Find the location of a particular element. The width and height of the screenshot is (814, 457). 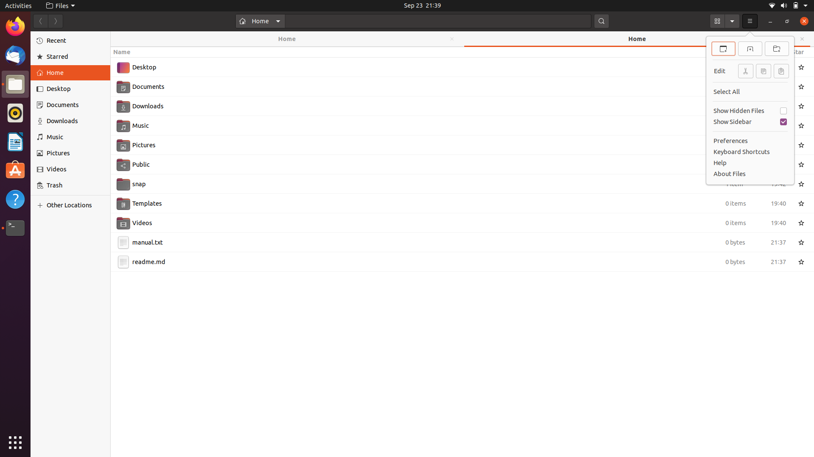

Use mouse and keyboard to terminate all open files is located at coordinates (15, 84).